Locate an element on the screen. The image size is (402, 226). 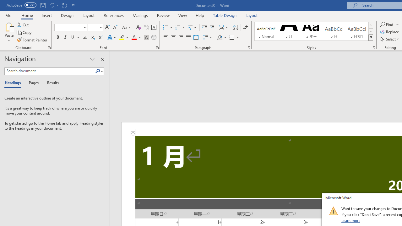
'Grow Font' is located at coordinates (107, 27).